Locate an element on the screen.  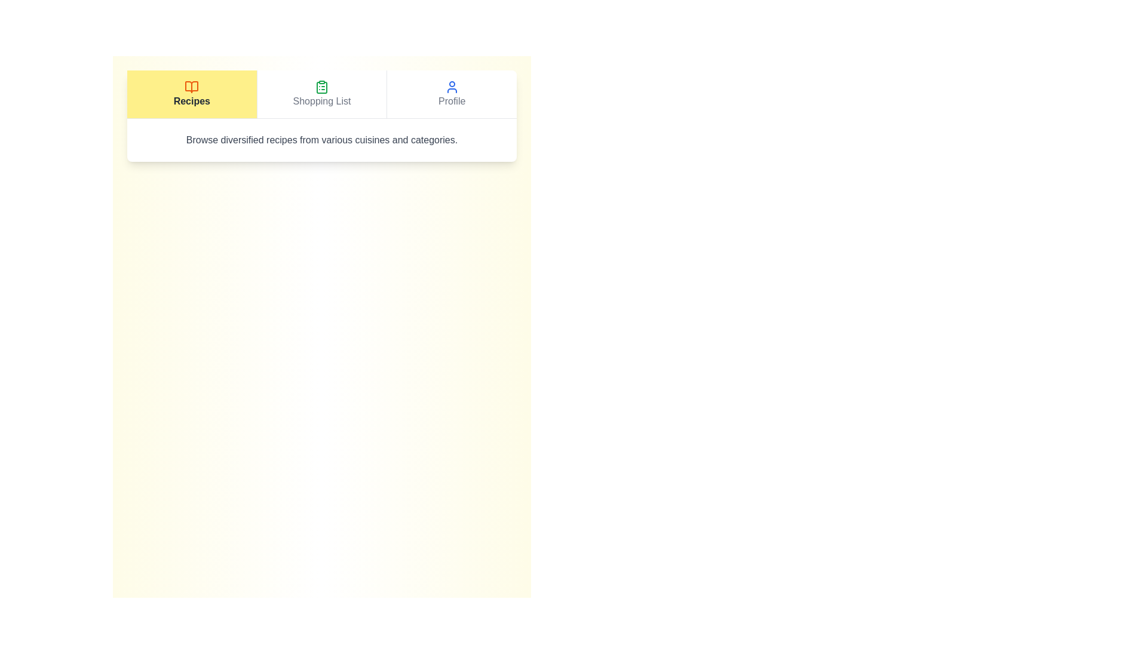
the Shopping List tab is located at coordinates (321, 94).